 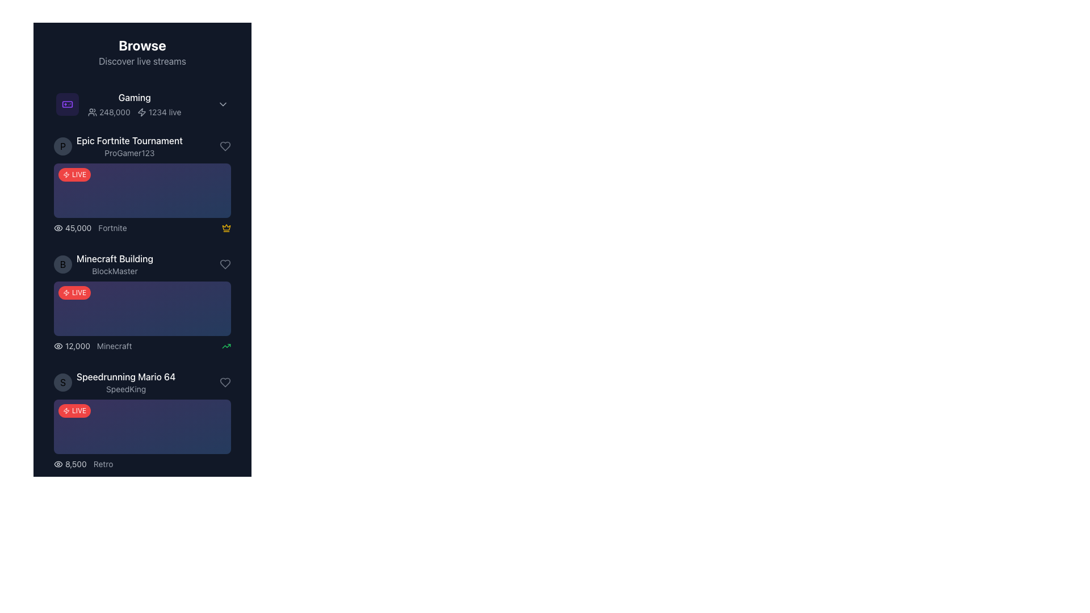 What do you see at coordinates (72, 228) in the screenshot?
I see `the text label displaying the number of views for the Epic Fortnite Tournament entry, which shows '45,000' and is positioned to the left of the text 'Fortnite'` at bounding box center [72, 228].